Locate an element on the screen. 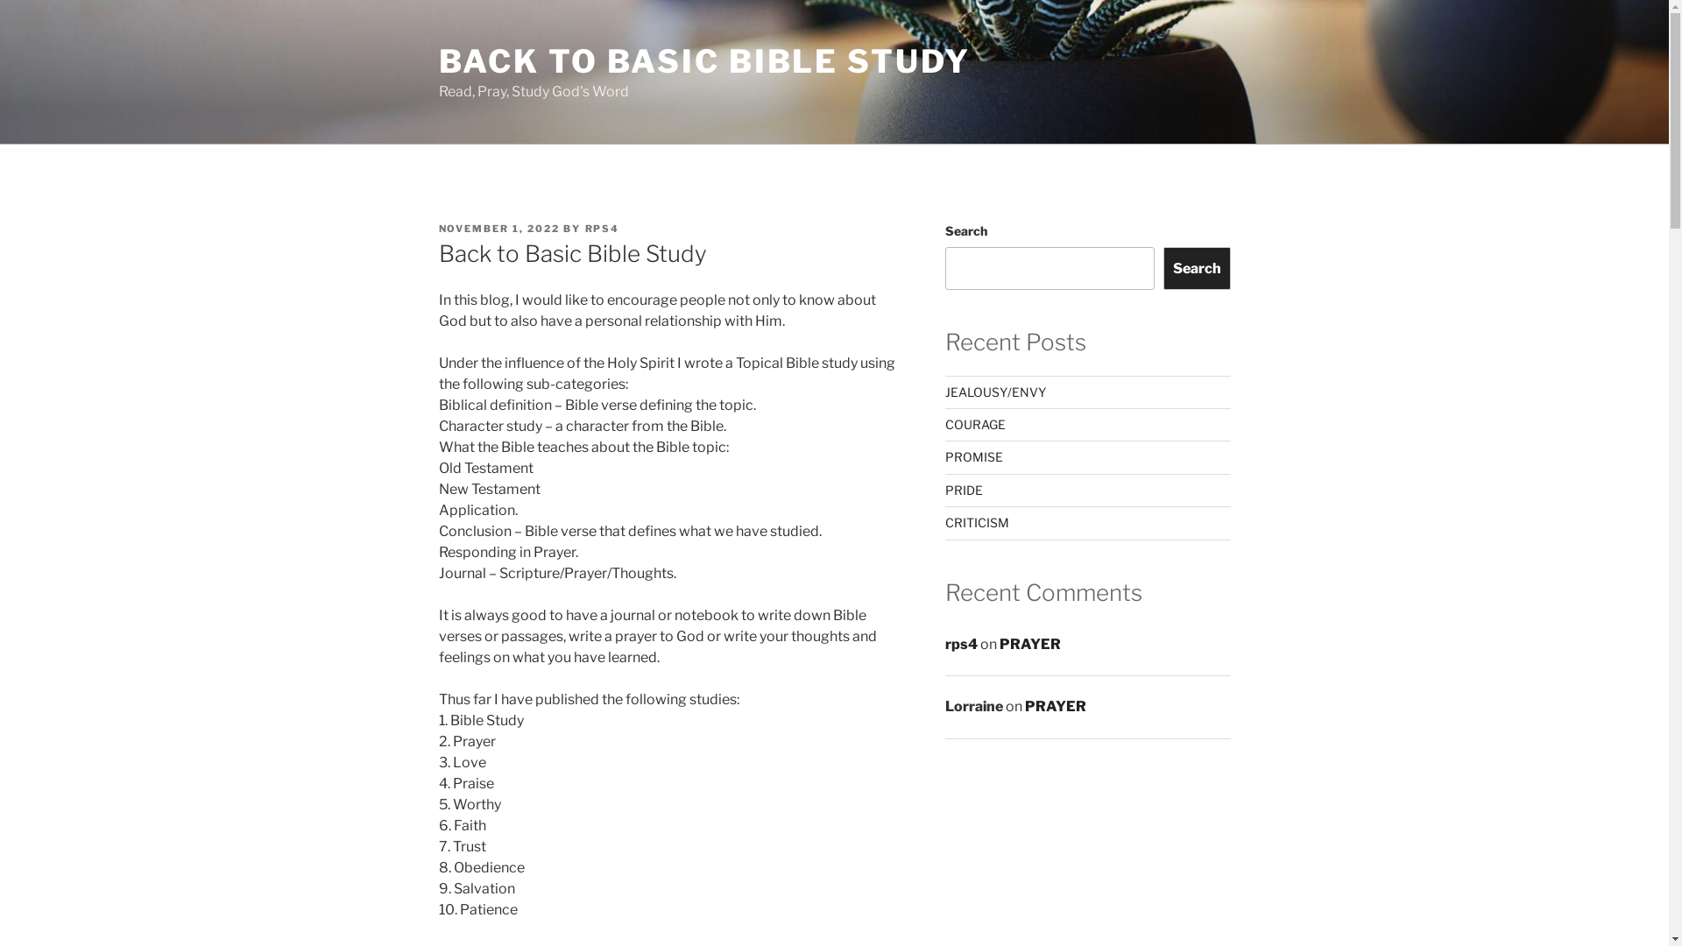 The height and width of the screenshot is (946, 1682). 'rps4' is located at coordinates (960, 644).